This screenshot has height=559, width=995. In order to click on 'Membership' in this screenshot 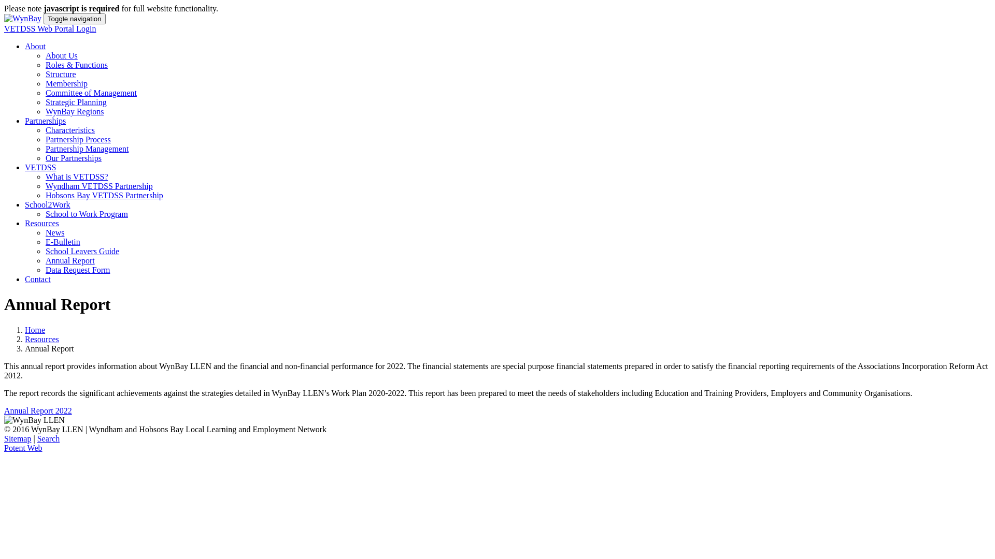, I will do `click(66, 83)`.